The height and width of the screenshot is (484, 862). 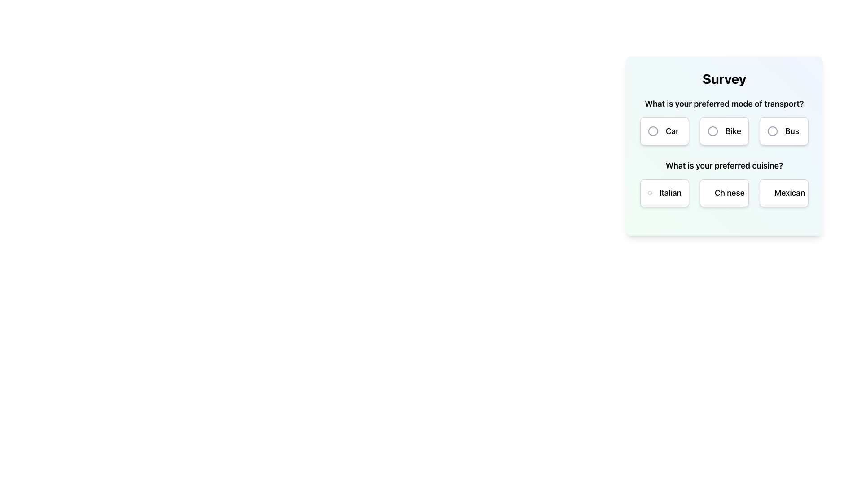 I want to click on one of the selection buttons (Italian, Chinese, or Mexican) in the survey question about preferred cuisine, so click(x=724, y=182).